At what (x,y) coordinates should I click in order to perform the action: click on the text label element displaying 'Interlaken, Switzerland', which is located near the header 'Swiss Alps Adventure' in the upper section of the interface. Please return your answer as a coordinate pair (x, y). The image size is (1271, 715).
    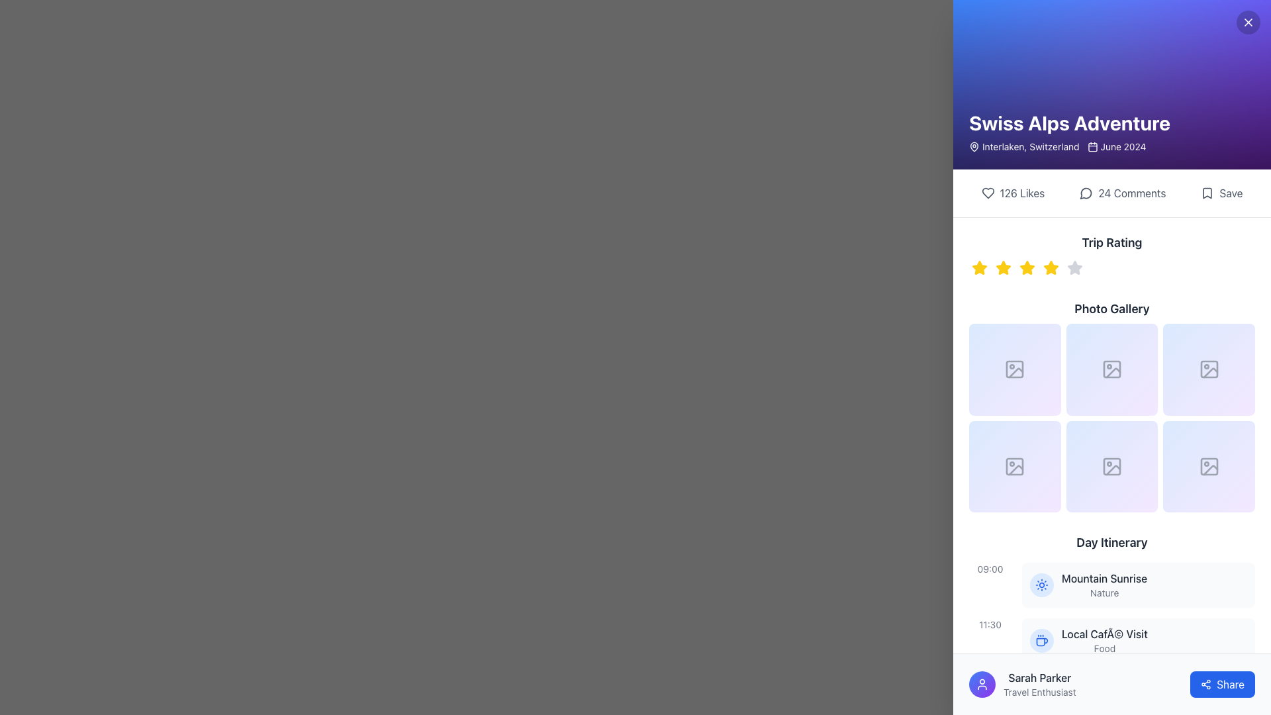
    Looking at the image, I should click on (1023, 147).